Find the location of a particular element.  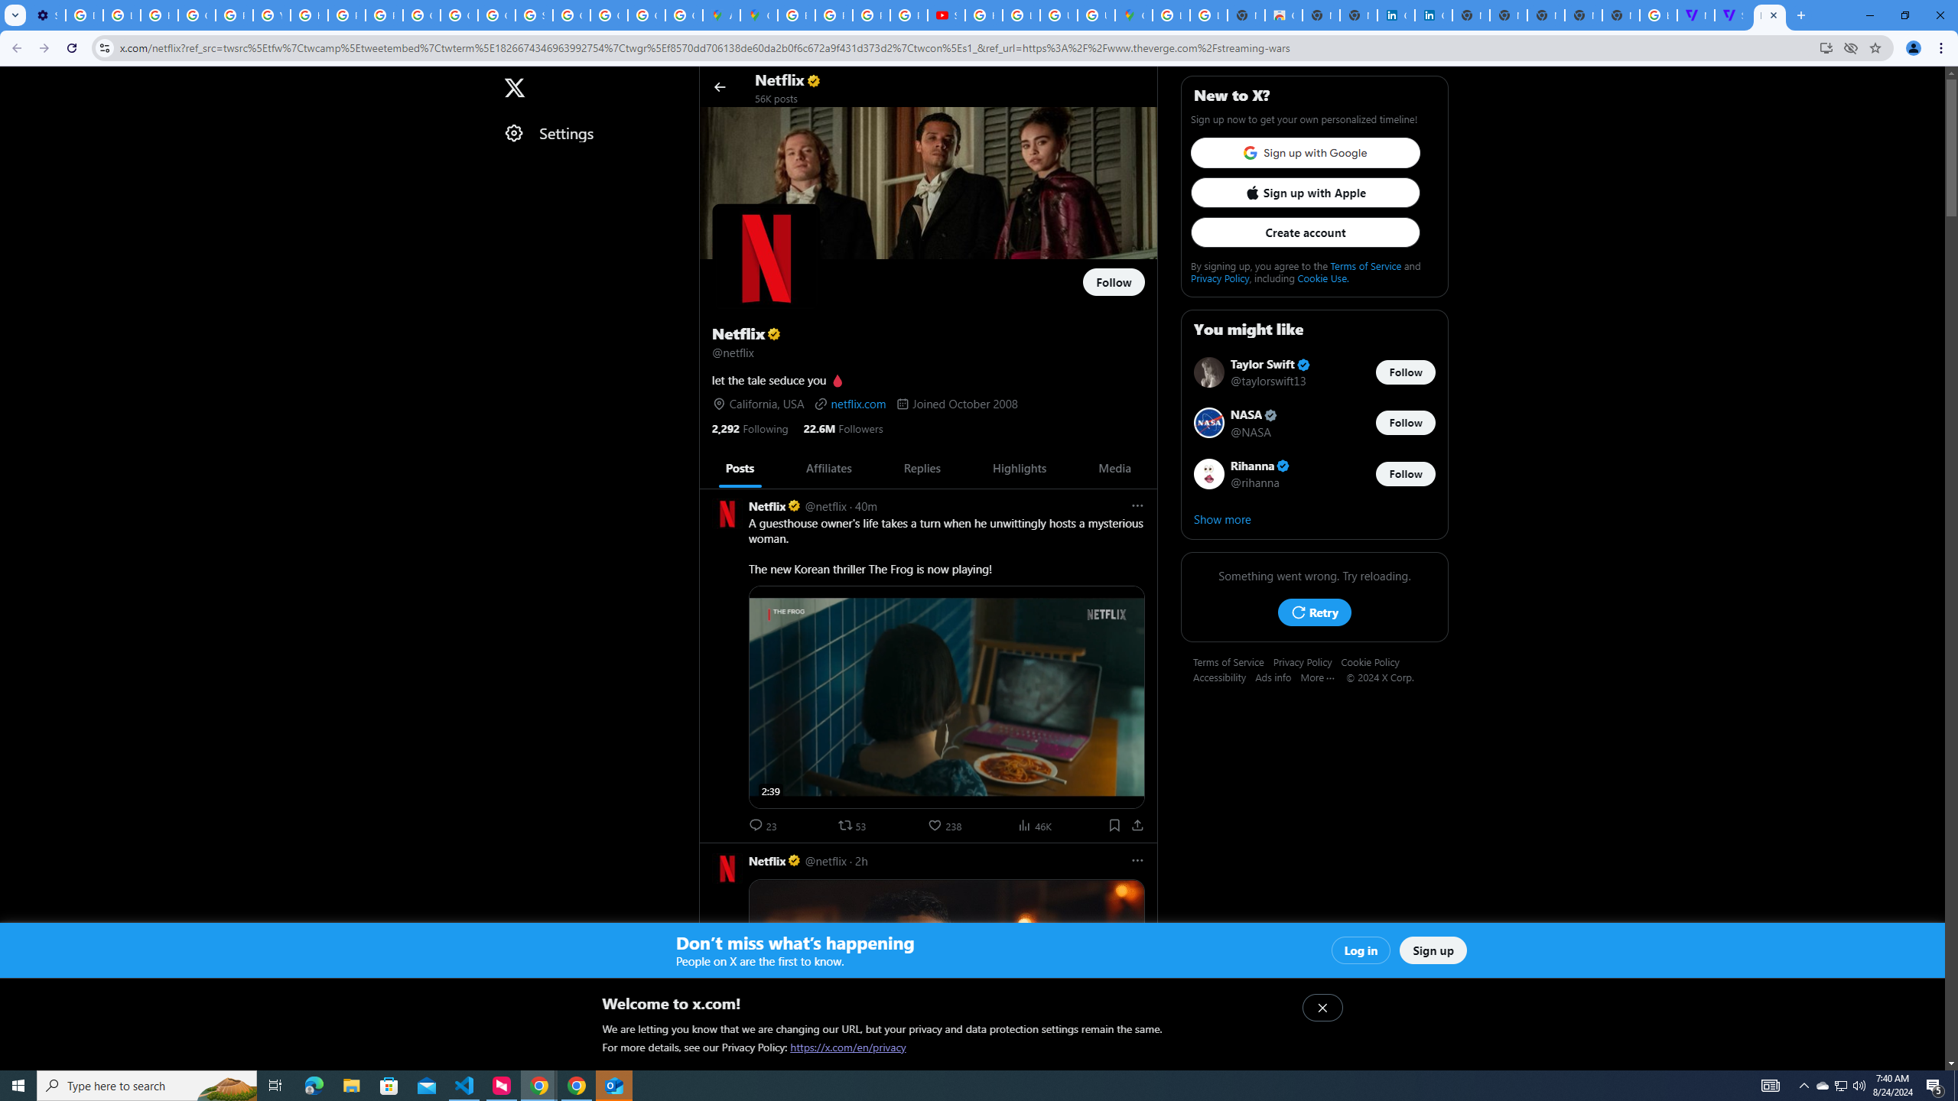

'Sign up' is located at coordinates (1432, 950).